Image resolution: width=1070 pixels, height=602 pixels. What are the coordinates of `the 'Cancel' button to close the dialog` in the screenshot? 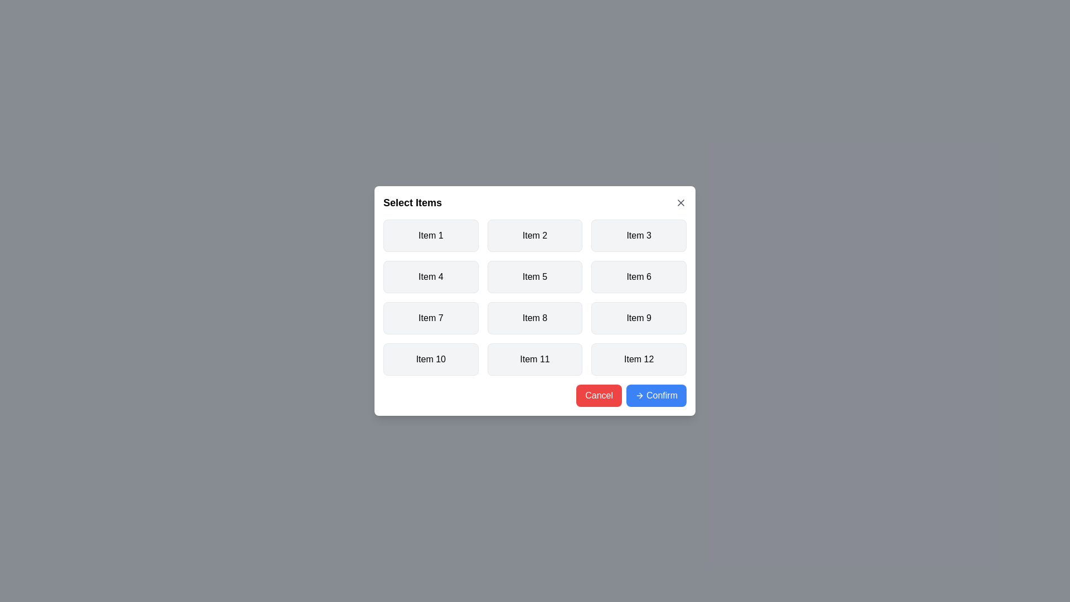 It's located at (599, 395).